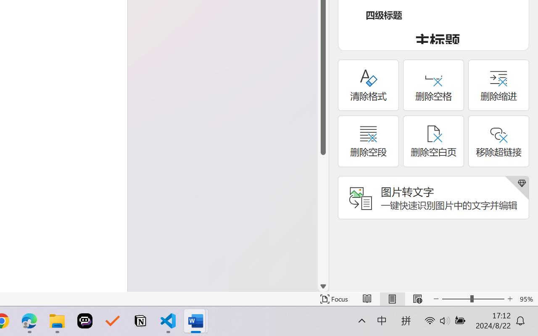 The width and height of the screenshot is (538, 336). I want to click on 'Line down', so click(323, 286).